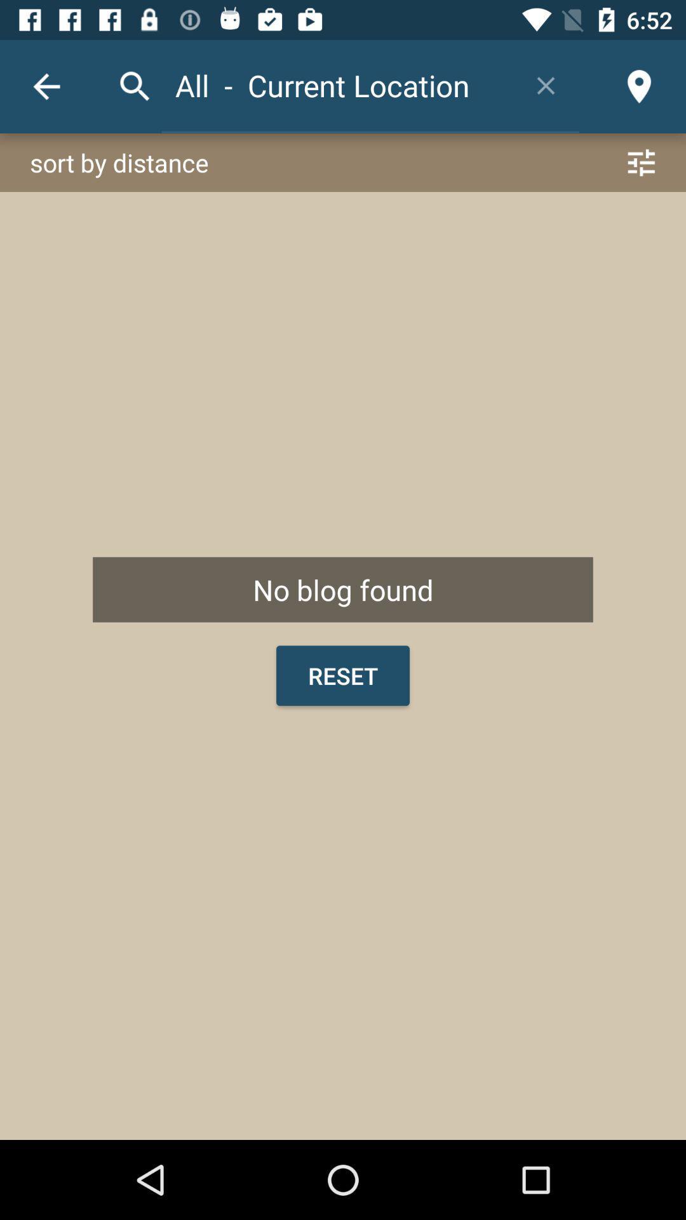 The height and width of the screenshot is (1220, 686). Describe the element at coordinates (337, 85) in the screenshot. I see `the all  -  current location item` at that location.